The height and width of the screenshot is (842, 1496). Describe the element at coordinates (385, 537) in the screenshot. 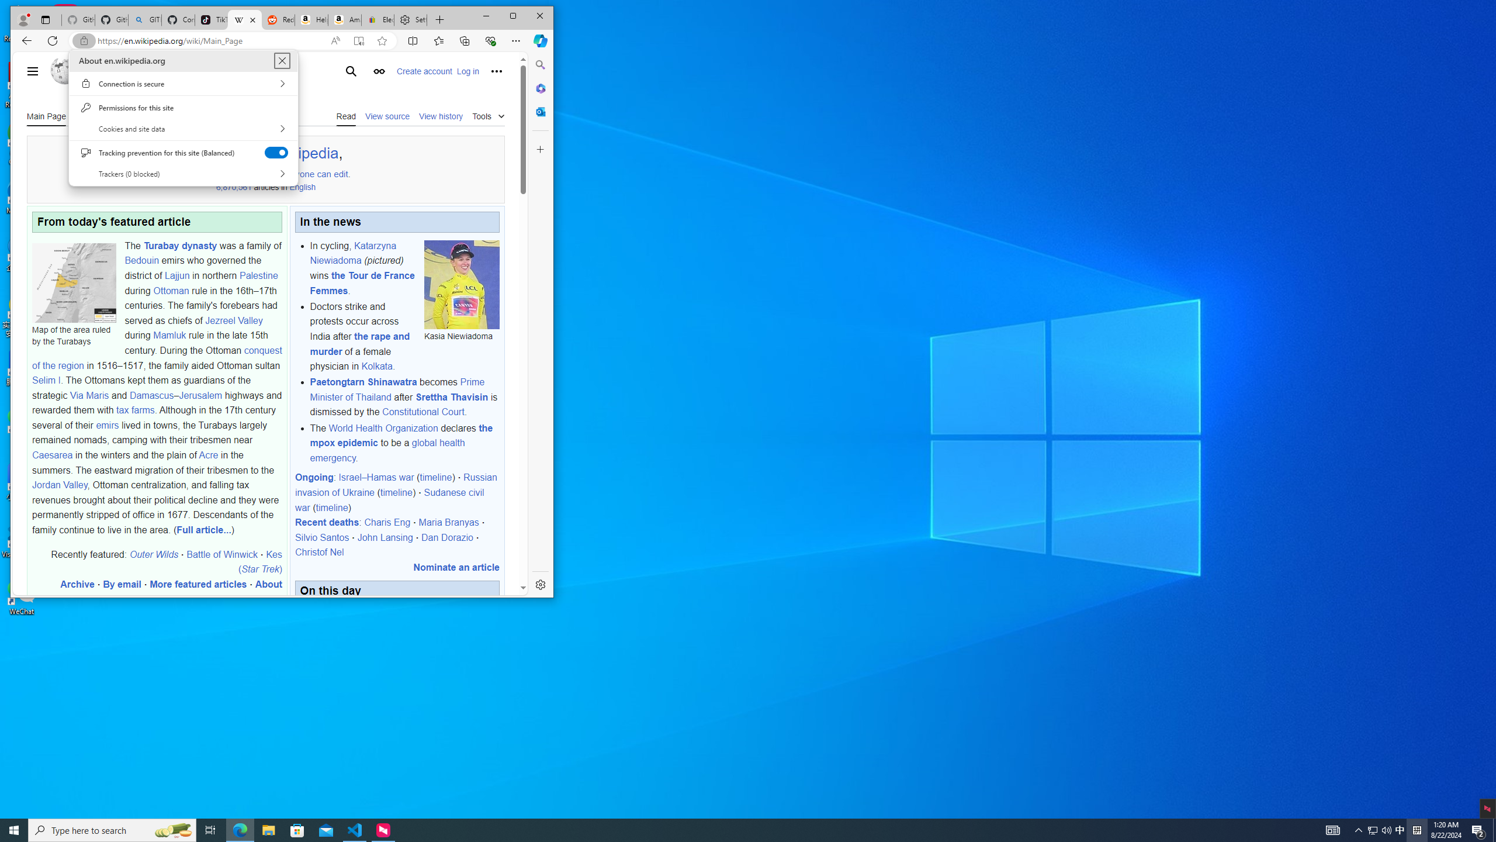

I see `'John Lansing'` at that location.